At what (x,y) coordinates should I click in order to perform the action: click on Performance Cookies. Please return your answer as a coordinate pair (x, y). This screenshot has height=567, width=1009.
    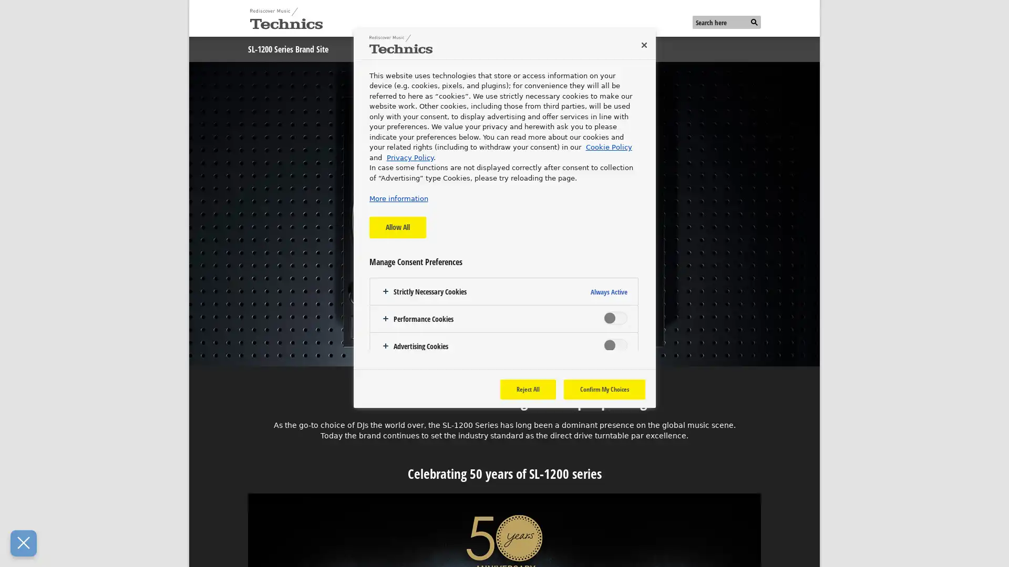
    Looking at the image, I should click on (503, 318).